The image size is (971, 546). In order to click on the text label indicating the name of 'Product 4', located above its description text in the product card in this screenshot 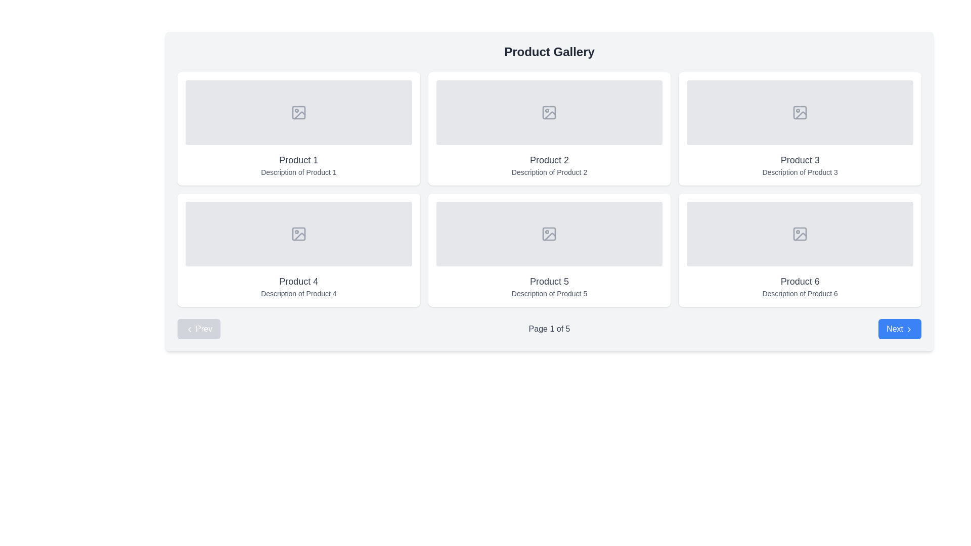, I will do `click(298, 281)`.